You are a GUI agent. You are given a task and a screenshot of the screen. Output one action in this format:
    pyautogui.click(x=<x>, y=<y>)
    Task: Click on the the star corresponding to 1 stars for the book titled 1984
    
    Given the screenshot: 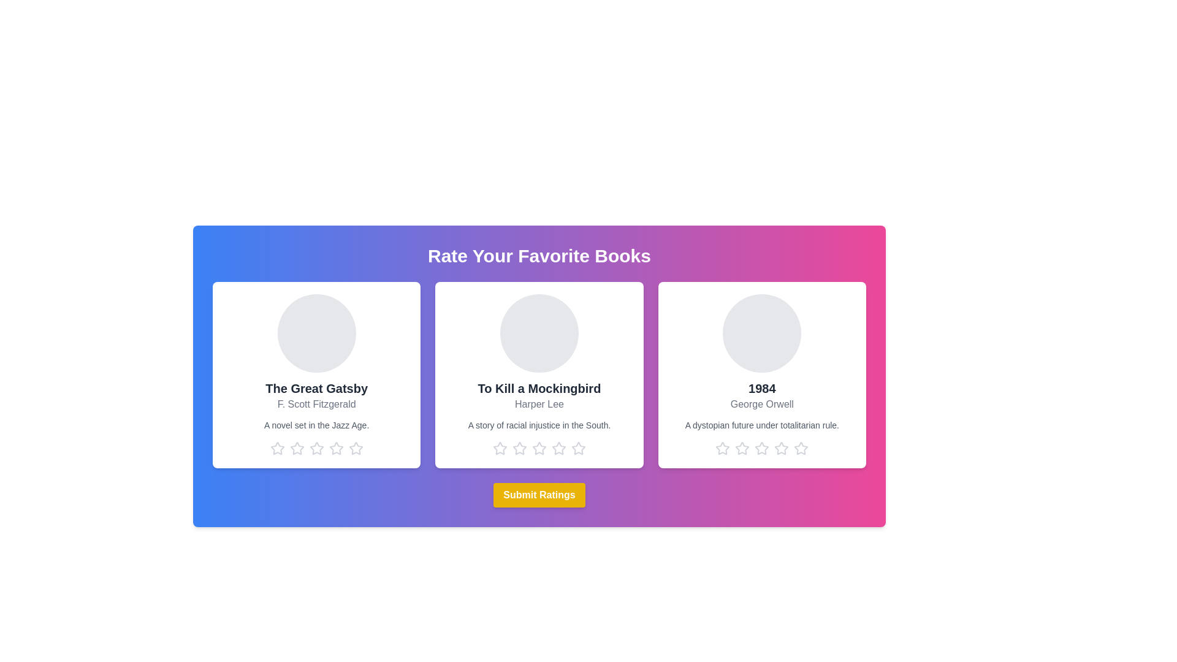 What is the action you would take?
    pyautogui.click(x=723, y=449)
    